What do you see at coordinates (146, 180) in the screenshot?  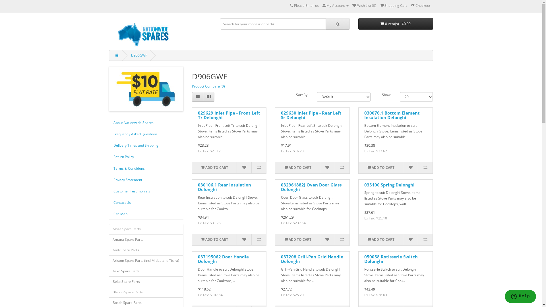 I see `'Privacy Statement'` at bounding box center [146, 180].